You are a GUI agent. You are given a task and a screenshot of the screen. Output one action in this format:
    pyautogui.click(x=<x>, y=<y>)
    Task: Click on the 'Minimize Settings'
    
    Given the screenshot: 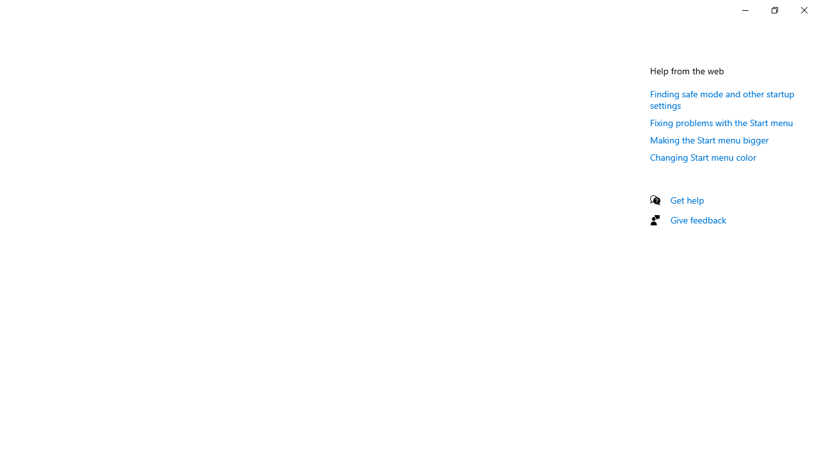 What is the action you would take?
    pyautogui.click(x=745, y=10)
    